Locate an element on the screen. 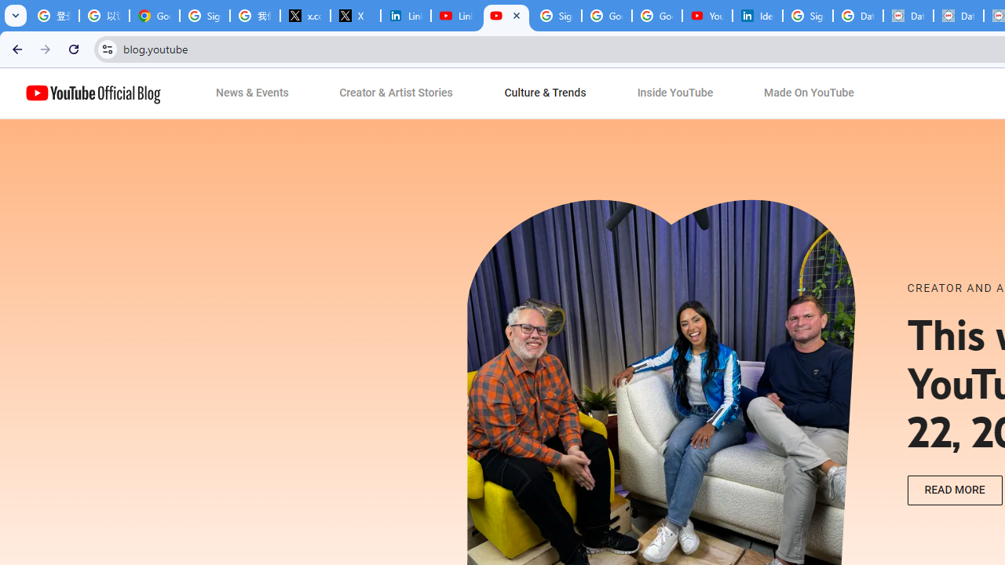 The height and width of the screenshot is (565, 1005). 'Inside YouTube' is located at coordinates (675, 93).